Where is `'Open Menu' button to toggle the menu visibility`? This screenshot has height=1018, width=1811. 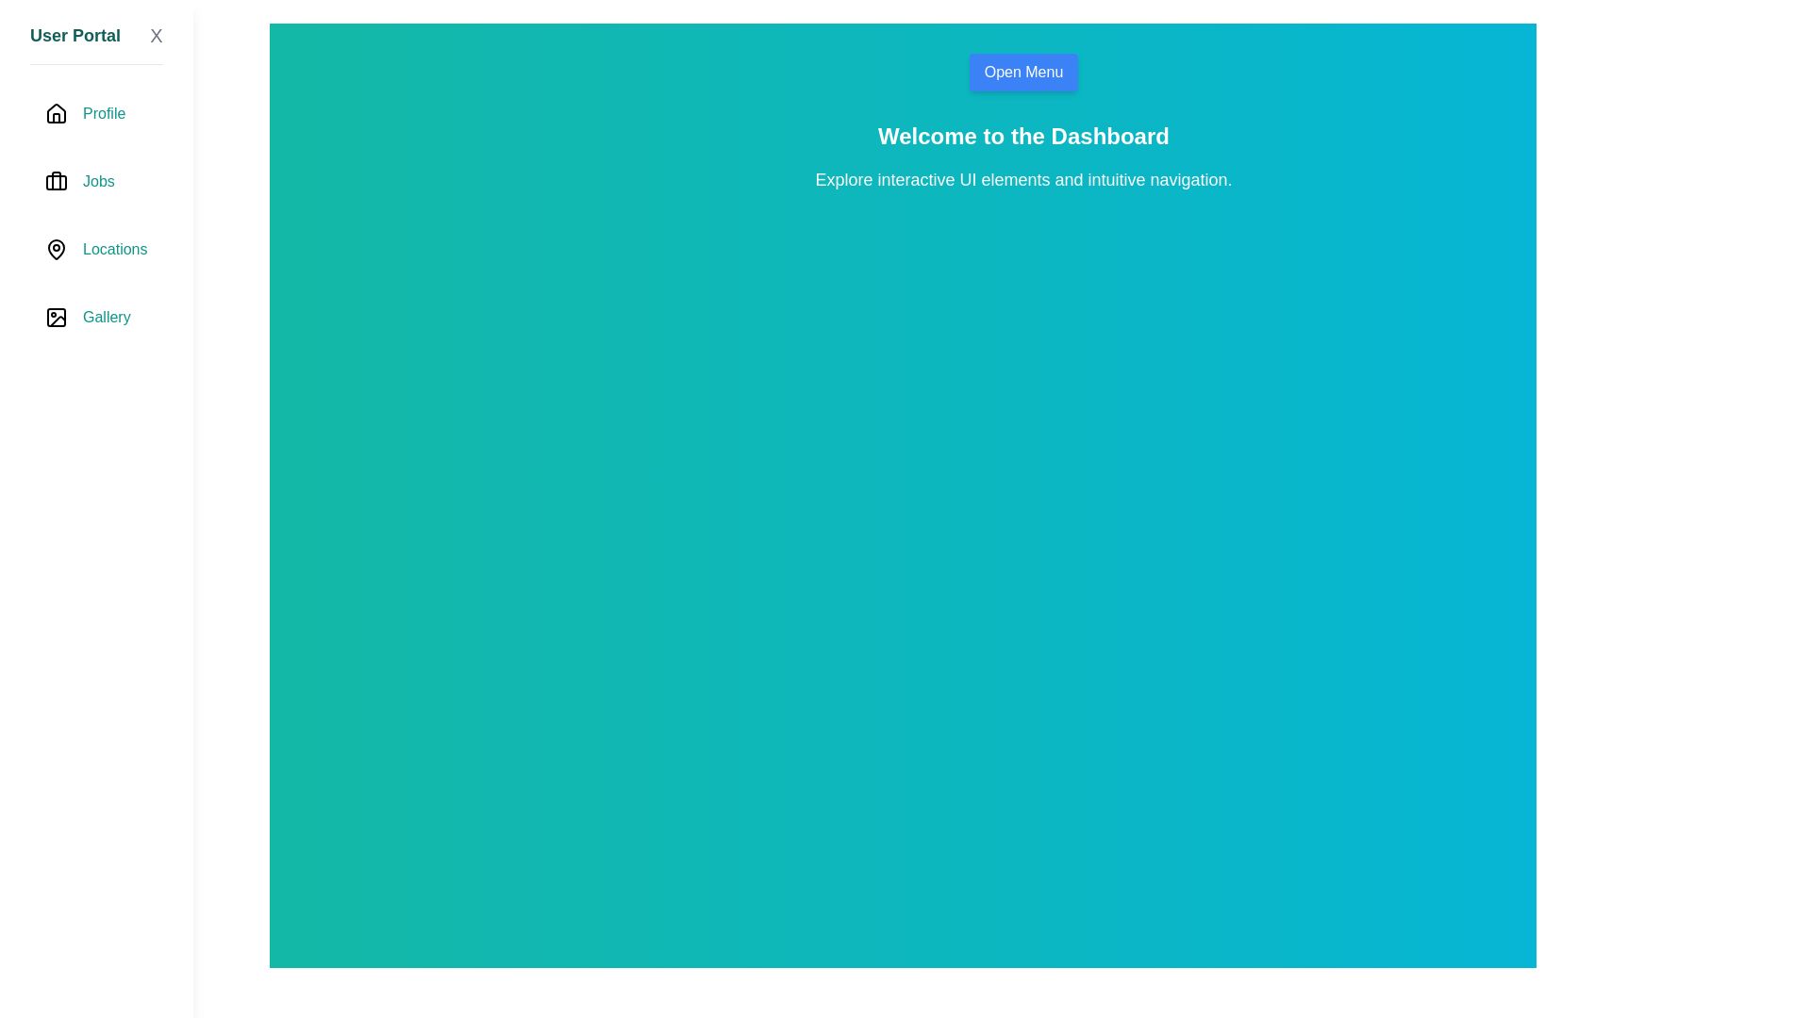
'Open Menu' button to toggle the menu visibility is located at coordinates (1022, 72).